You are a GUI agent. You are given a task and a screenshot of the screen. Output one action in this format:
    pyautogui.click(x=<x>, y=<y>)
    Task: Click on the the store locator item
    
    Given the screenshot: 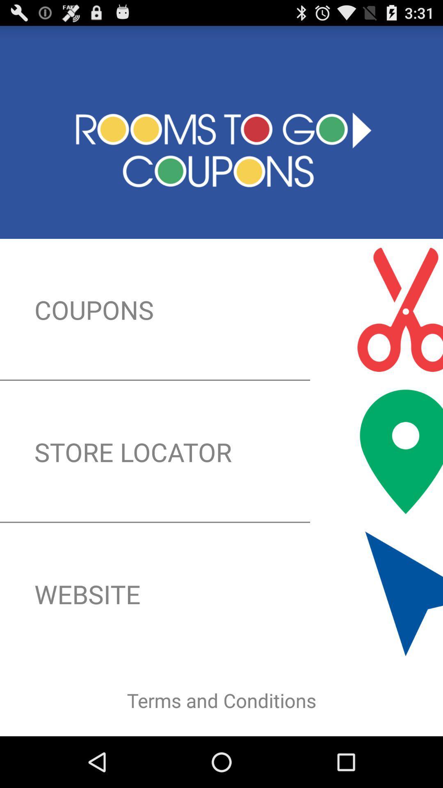 What is the action you would take?
    pyautogui.click(x=221, y=451)
    